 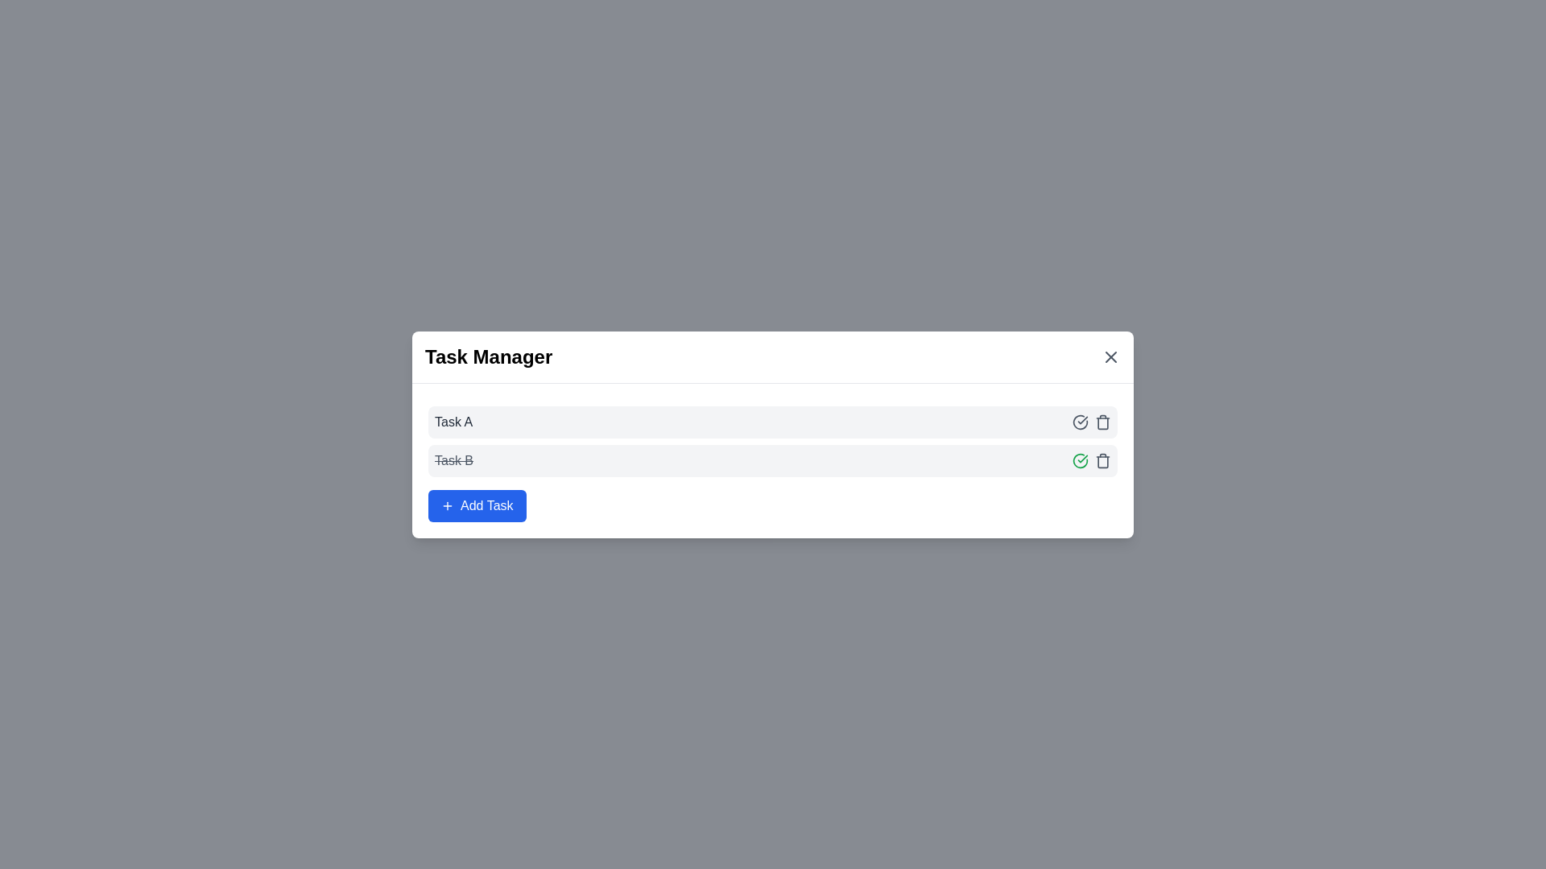 I want to click on the trash can icon button located in the top-right corner of 'Task A' in the task manager interface to trigger the color change to red as a visual cue, so click(x=1102, y=421).